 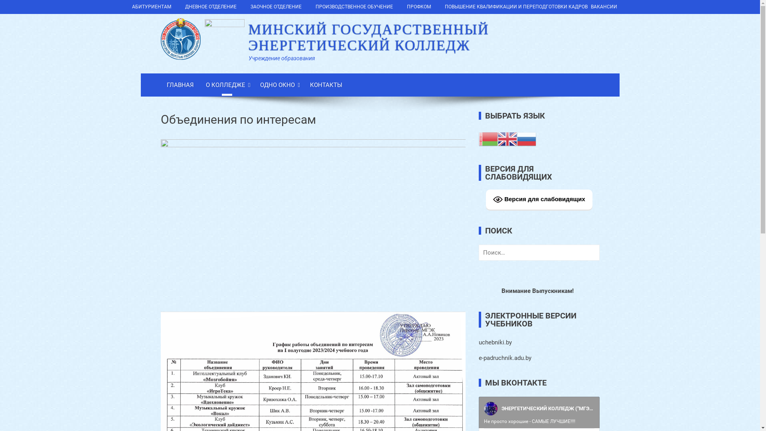 I want to click on 'Russian', so click(x=527, y=138).